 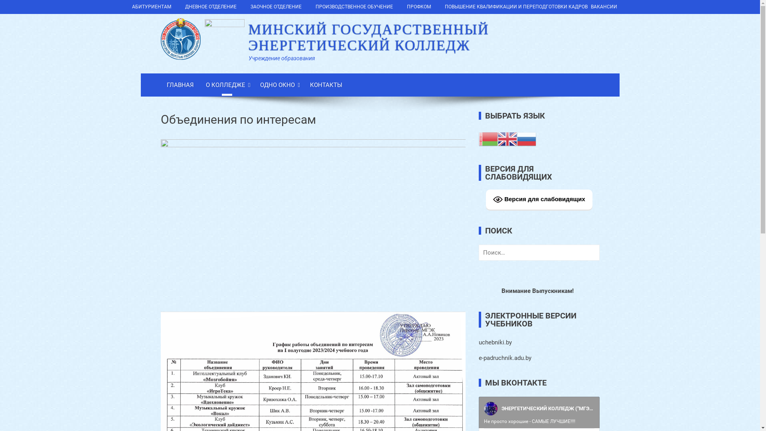 I want to click on 'Russian', so click(x=527, y=138).